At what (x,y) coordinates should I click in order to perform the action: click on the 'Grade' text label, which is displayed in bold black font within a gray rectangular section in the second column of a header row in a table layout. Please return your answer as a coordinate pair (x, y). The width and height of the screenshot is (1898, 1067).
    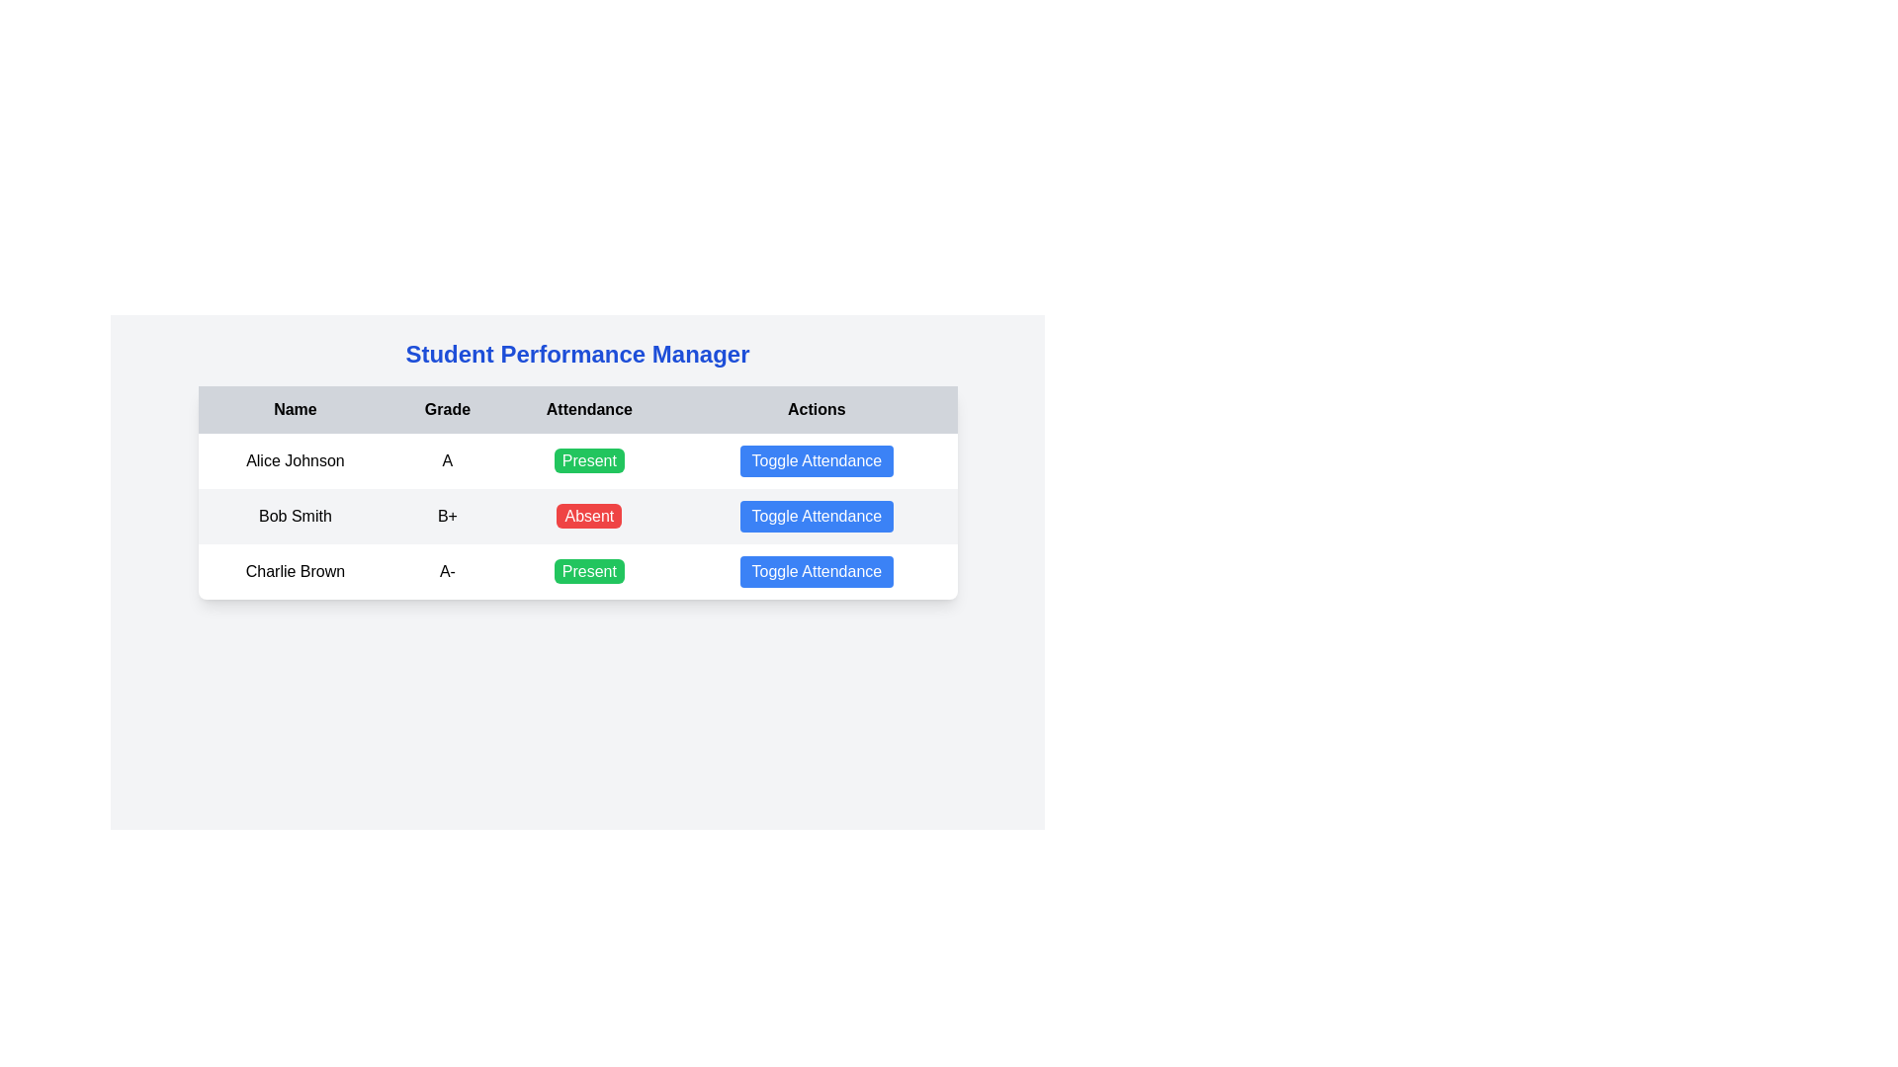
    Looking at the image, I should click on (446, 409).